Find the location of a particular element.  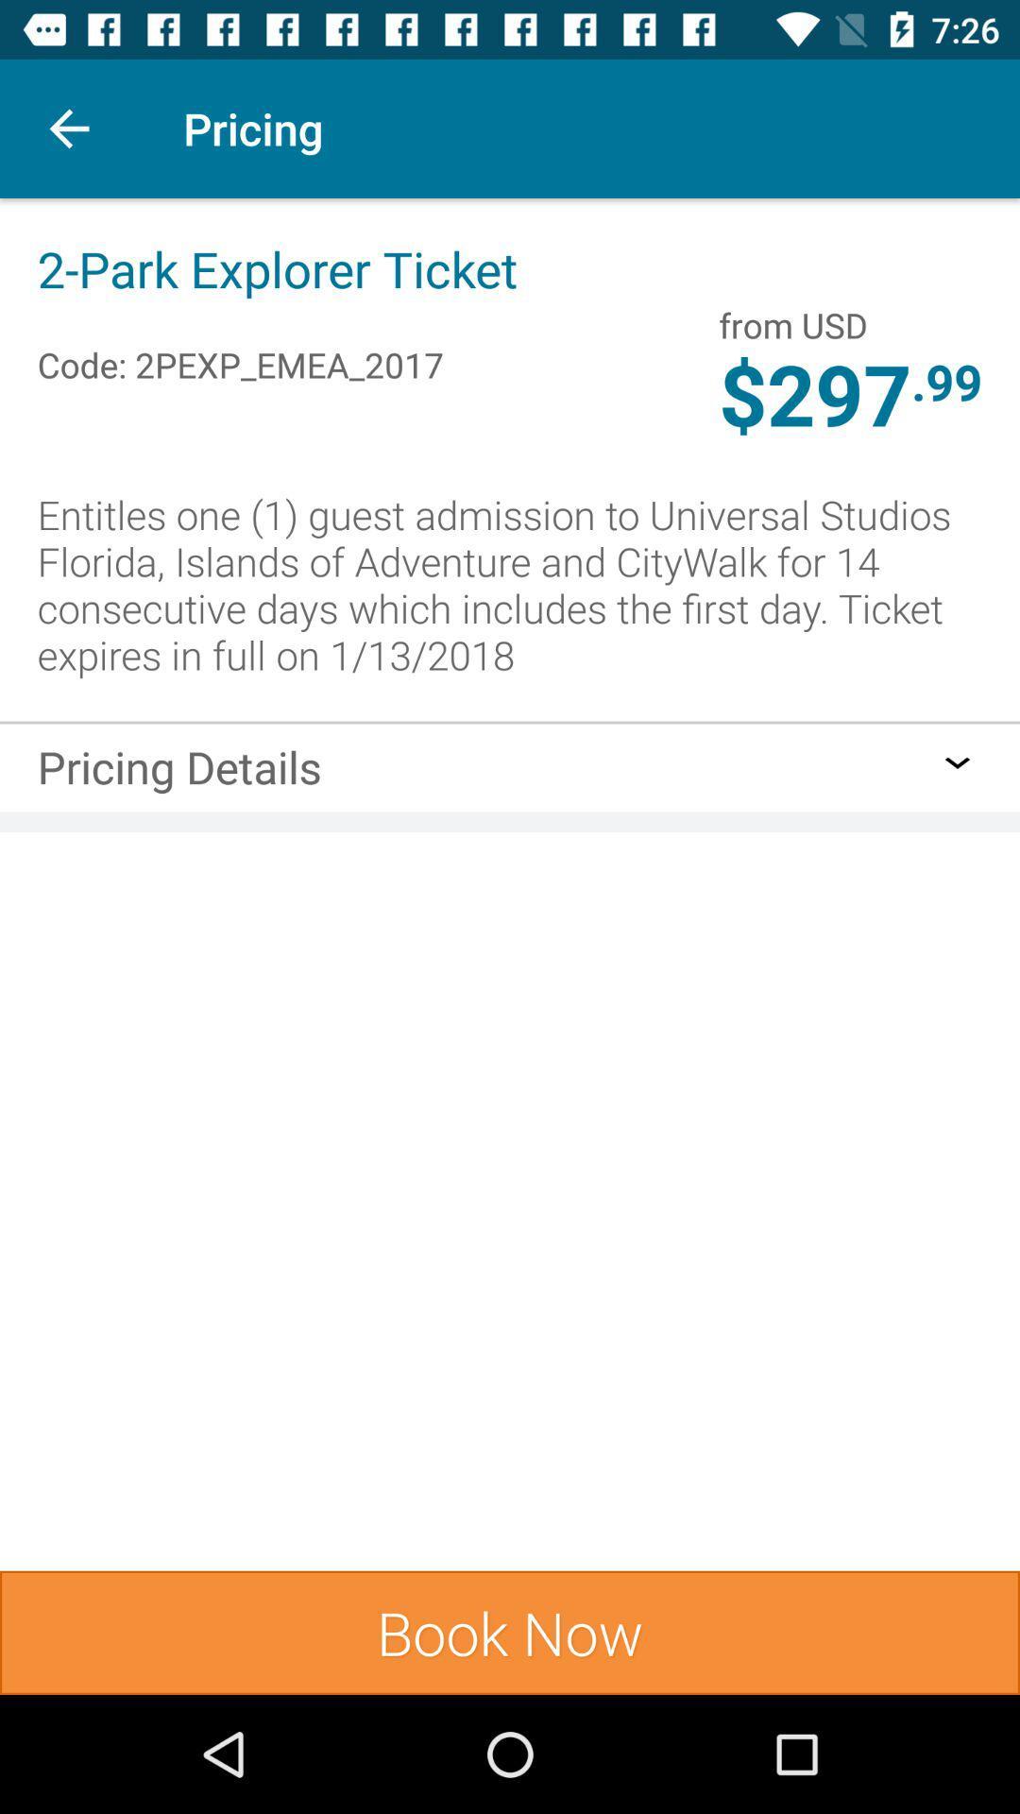

code: 2pexp_emea_2017 is located at coordinates (239, 345).